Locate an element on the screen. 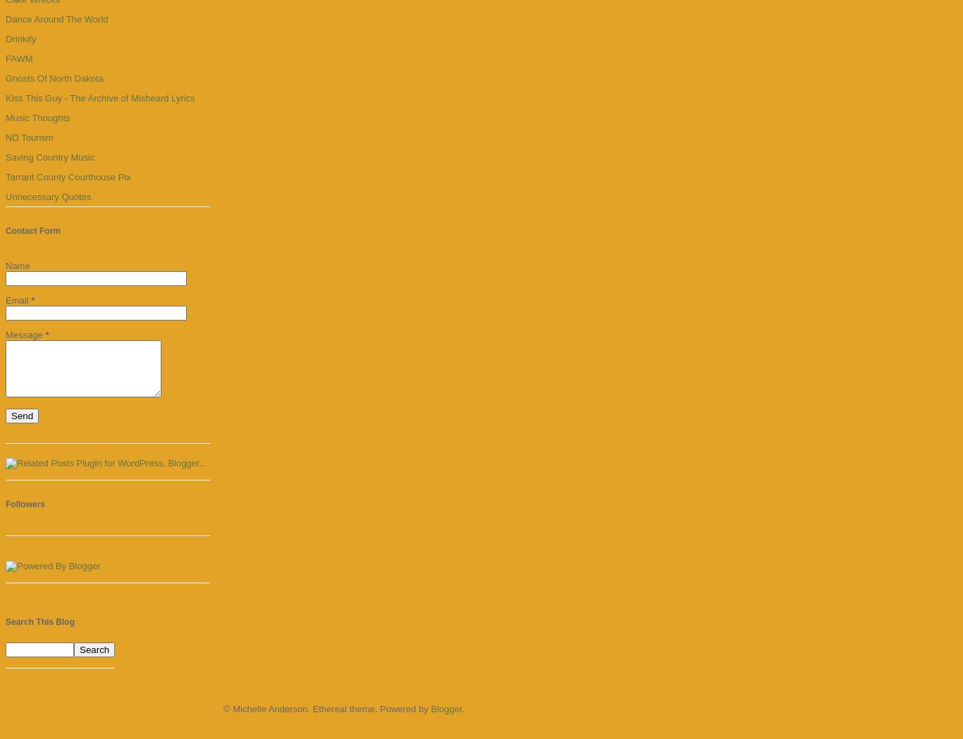 This screenshot has width=963, height=739. 'FAWM' is located at coordinates (19, 57).